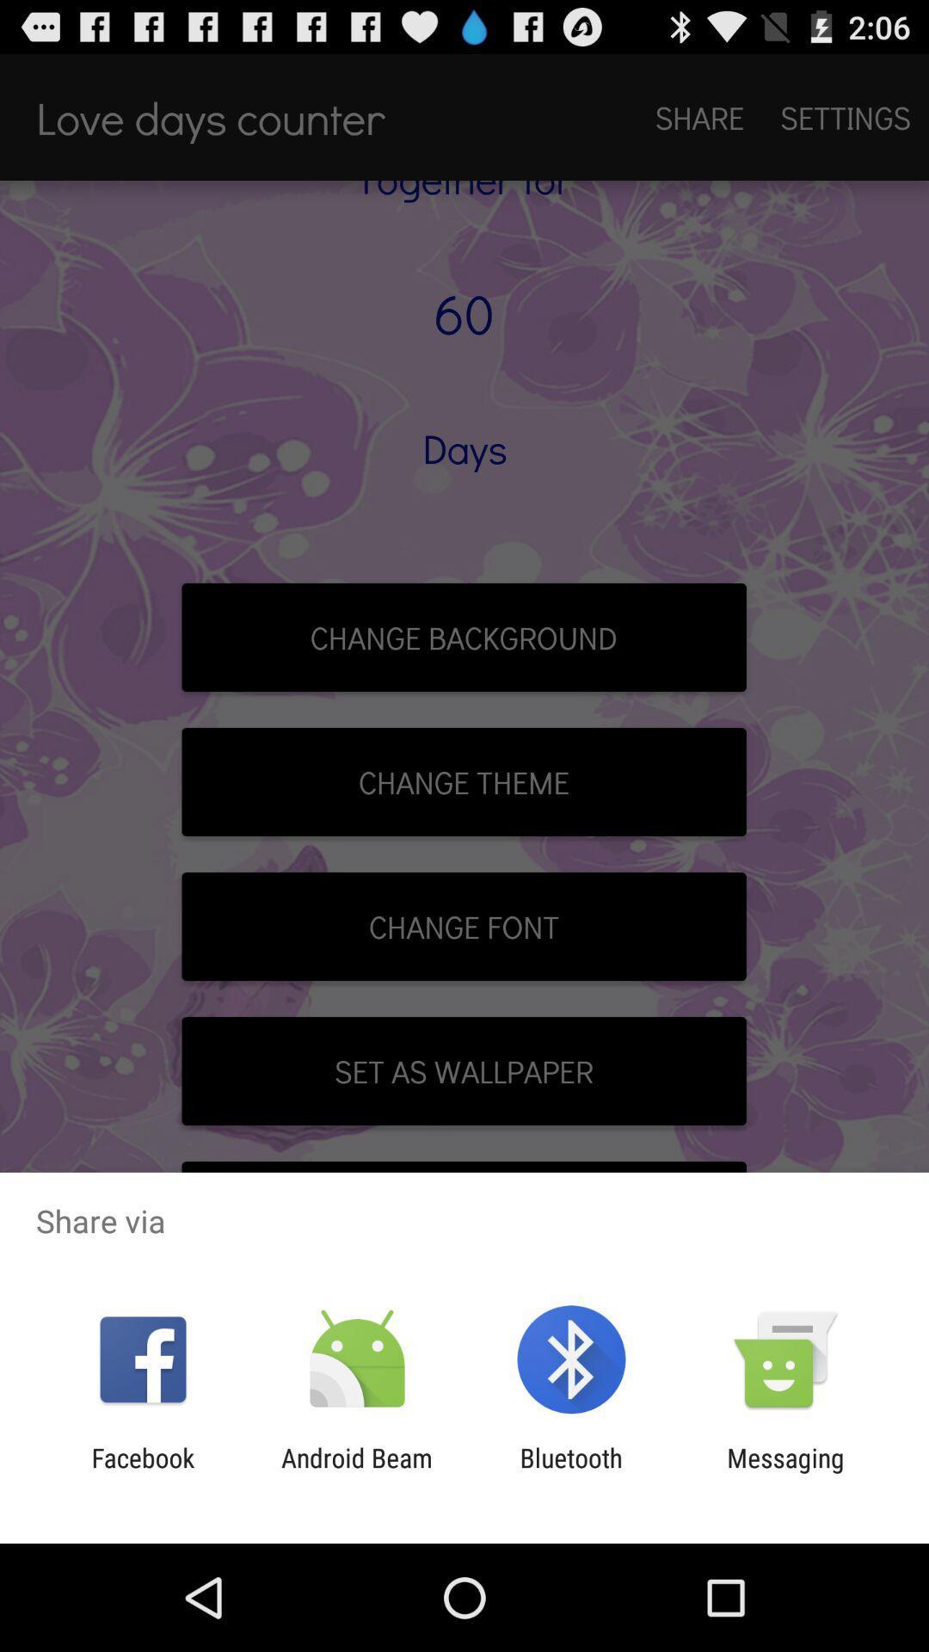  Describe the element at coordinates (785, 1472) in the screenshot. I see `messaging icon` at that location.